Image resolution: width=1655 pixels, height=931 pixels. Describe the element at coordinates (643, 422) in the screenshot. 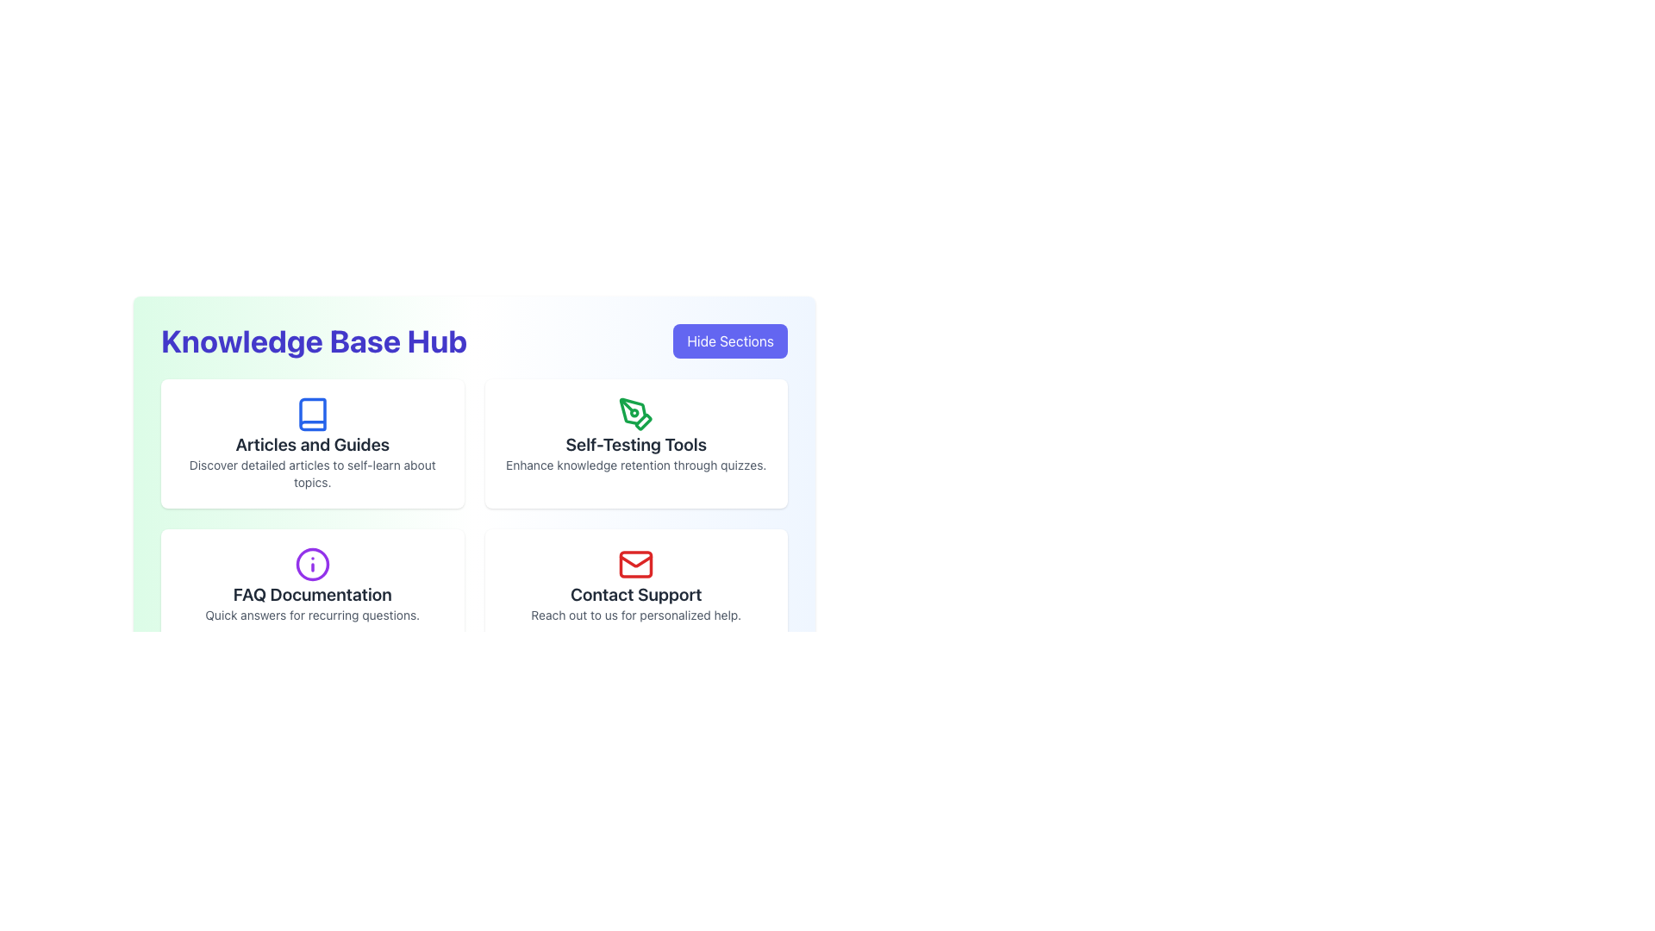

I see `the inner tip of the green pen tool icon, which is a decorative diamond-shaped element located in the 'Self-Testing Tools' section of the main dashboard interface` at that location.